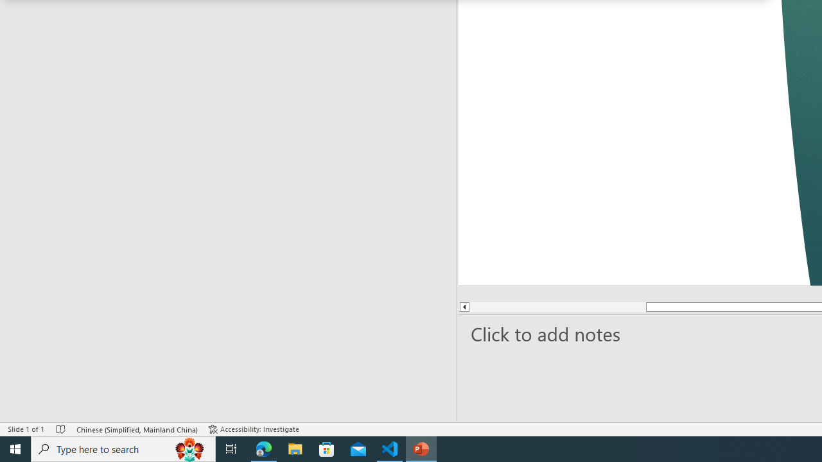 Image resolution: width=822 pixels, height=462 pixels. I want to click on 'Start', so click(15, 448).